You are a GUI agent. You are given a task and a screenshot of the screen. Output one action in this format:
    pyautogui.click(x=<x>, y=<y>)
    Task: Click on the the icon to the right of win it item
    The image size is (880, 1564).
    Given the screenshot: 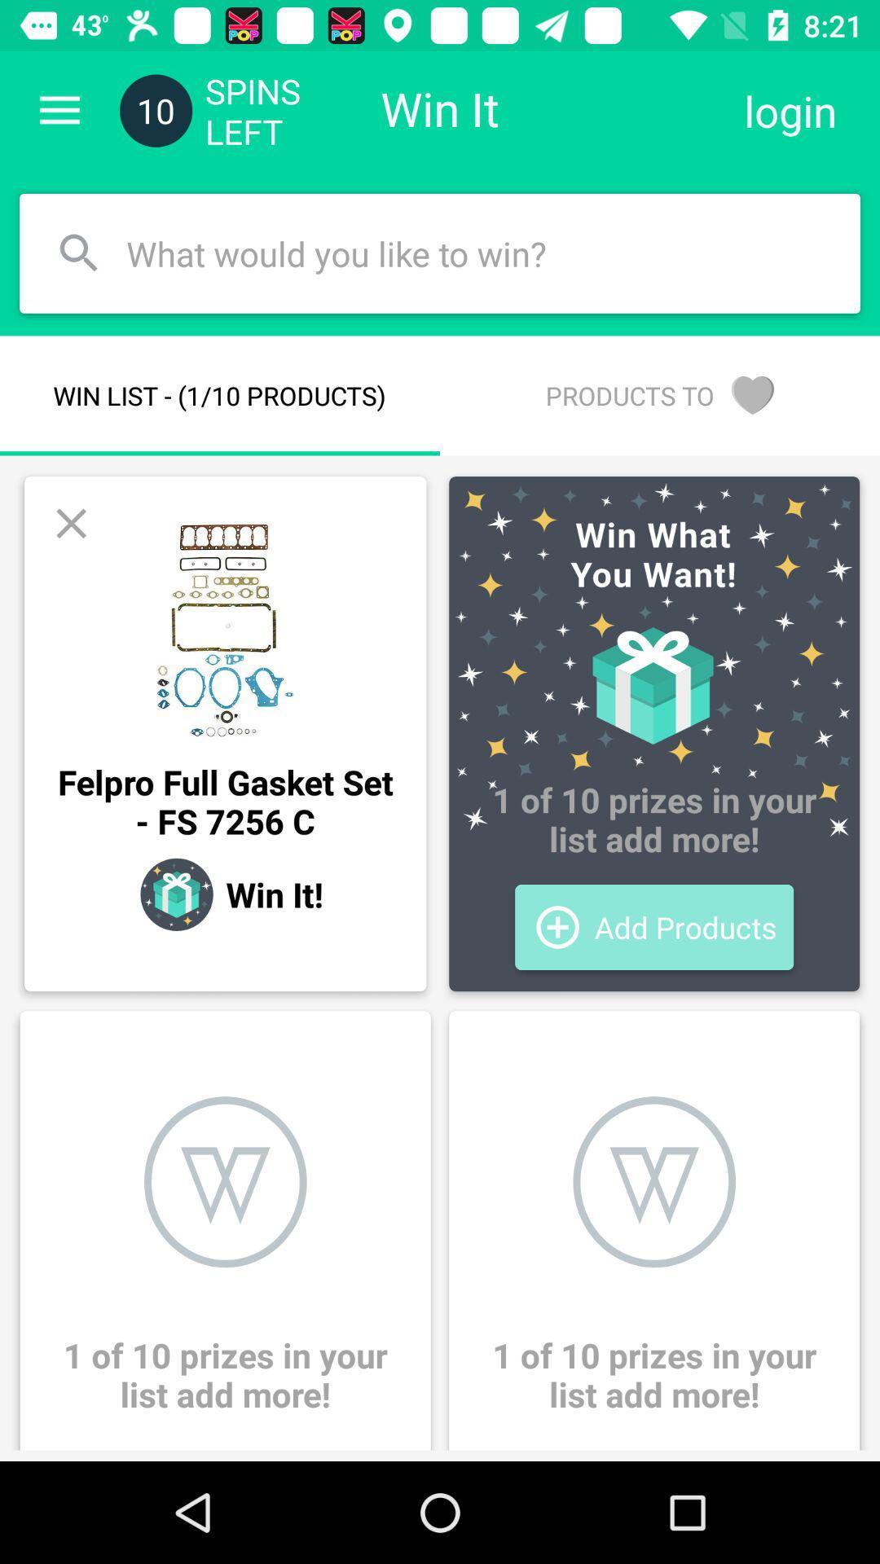 What is the action you would take?
    pyautogui.click(x=790, y=110)
    